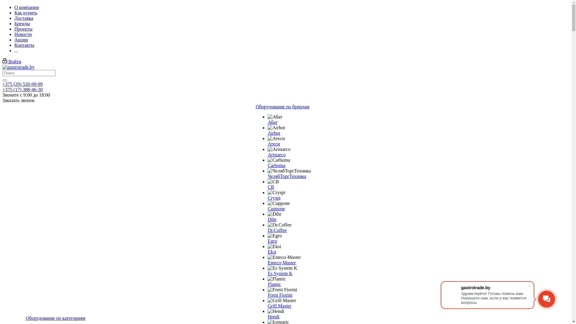 This screenshot has height=324, width=576. Describe the element at coordinates (276, 154) in the screenshot. I see `'Aristarco'` at that location.